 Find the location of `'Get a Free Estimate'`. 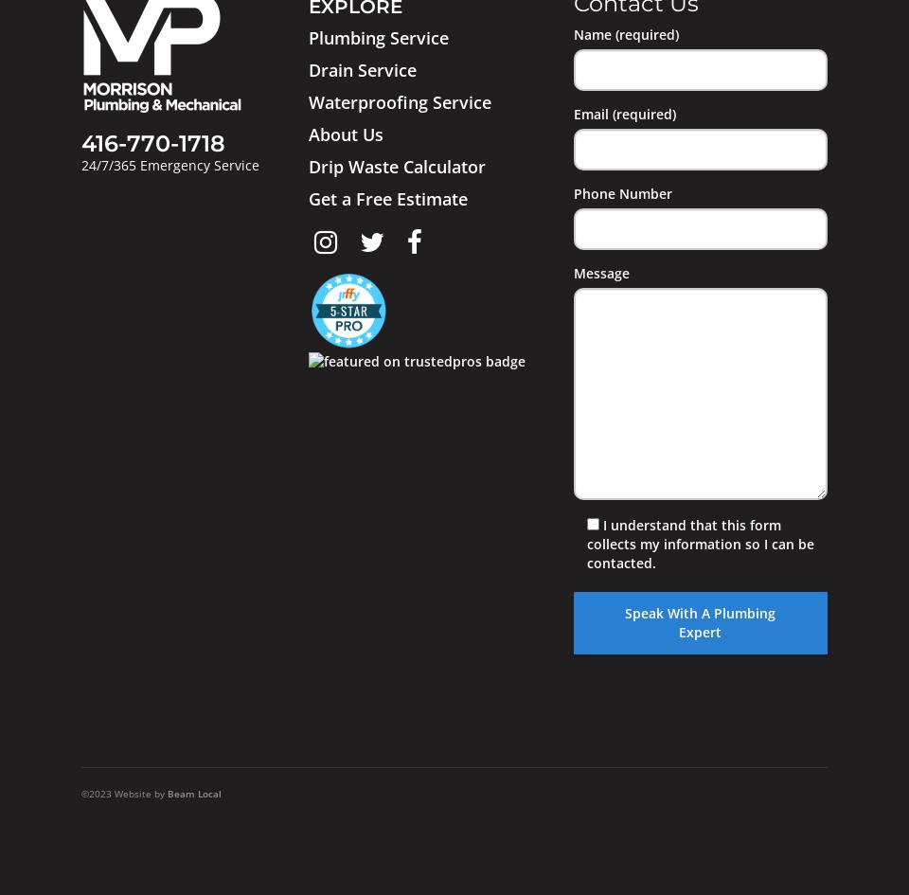

'Get a Free Estimate' is located at coordinates (385, 197).